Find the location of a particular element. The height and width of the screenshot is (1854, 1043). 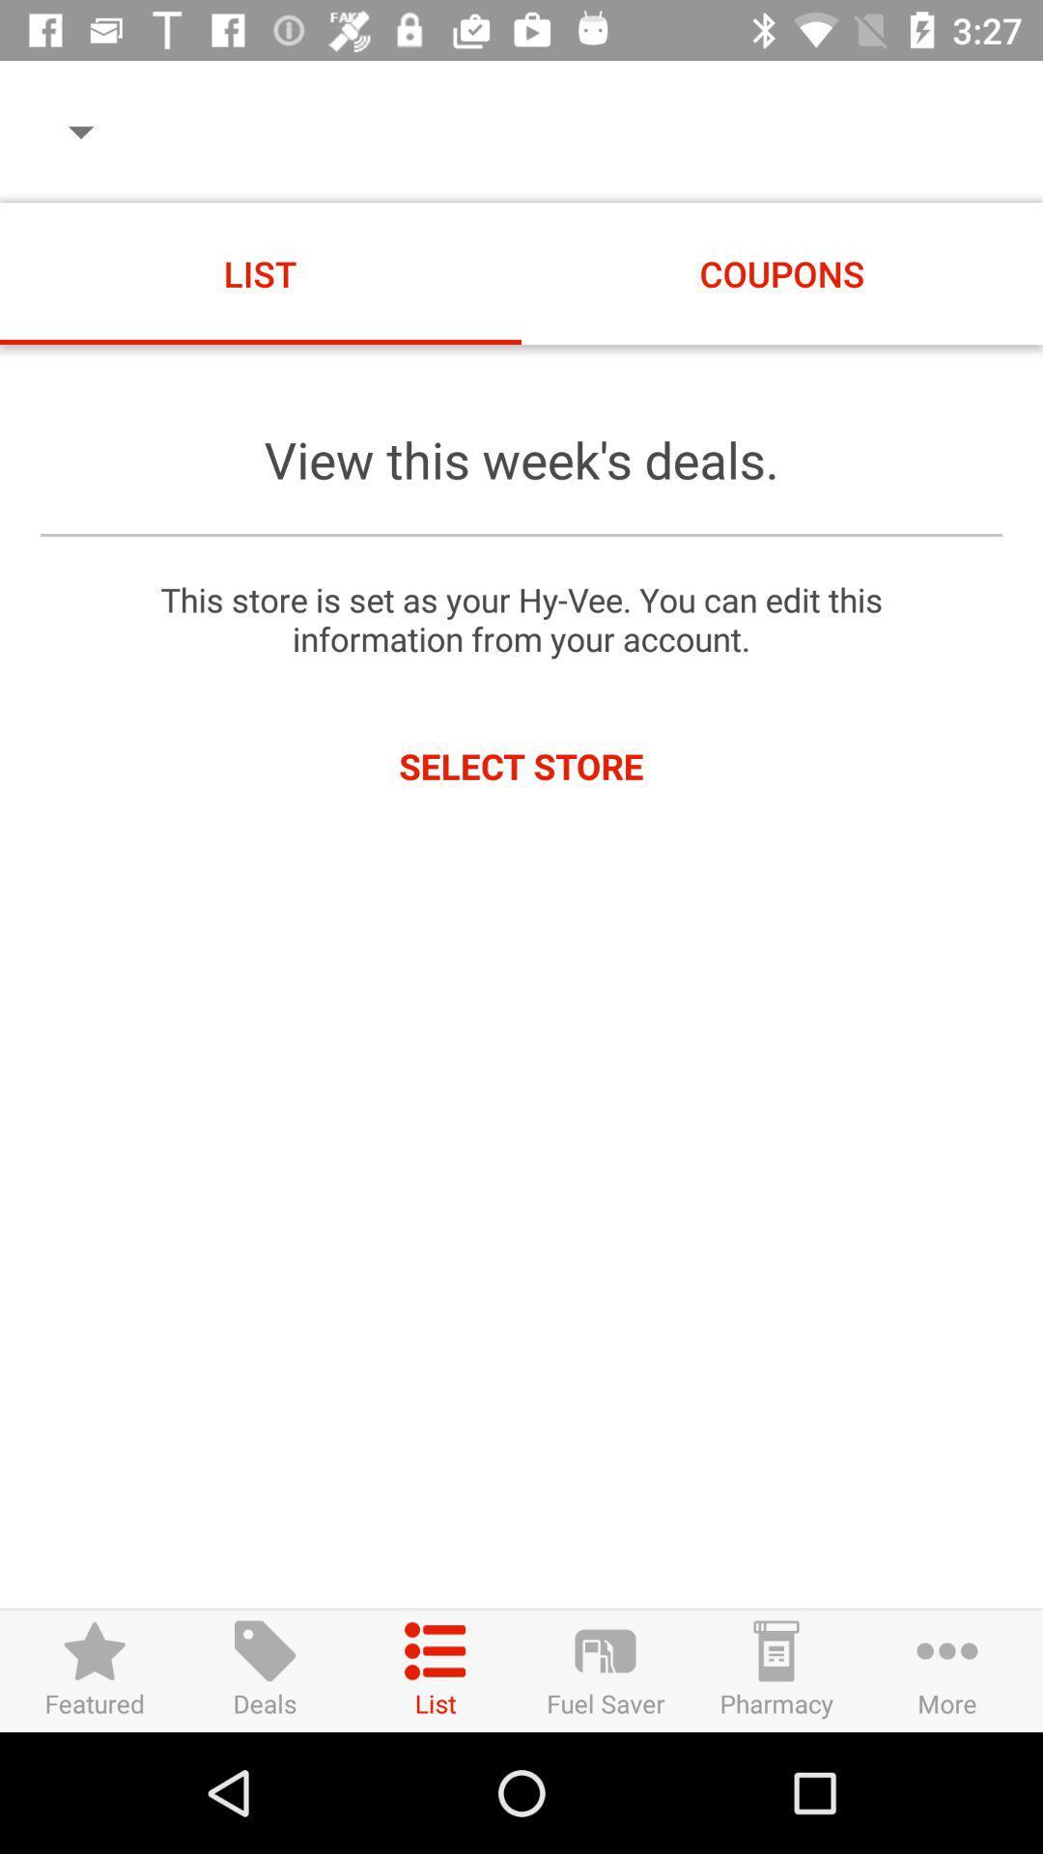

the more button is located at coordinates (946, 1670).